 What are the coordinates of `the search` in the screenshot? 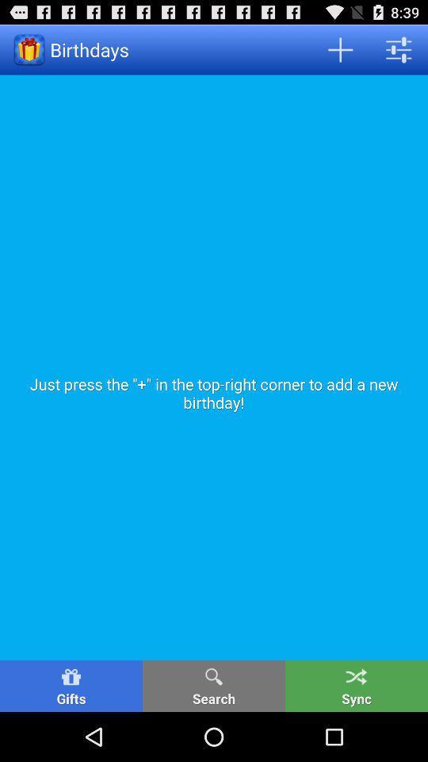 It's located at (214, 685).